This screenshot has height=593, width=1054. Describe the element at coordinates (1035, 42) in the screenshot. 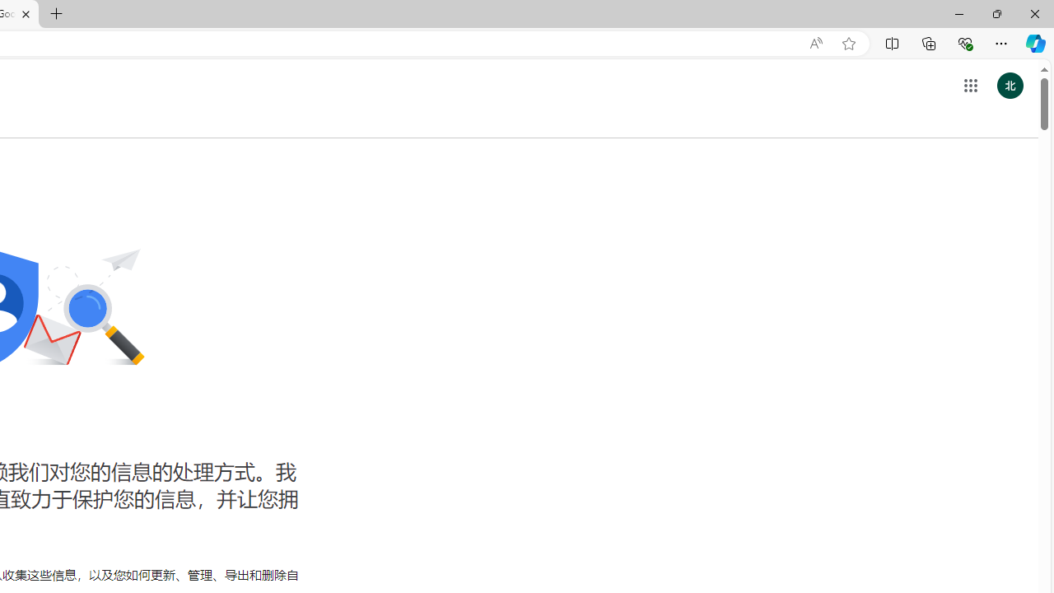

I see `'Copilot (Ctrl+Shift+.)'` at that location.